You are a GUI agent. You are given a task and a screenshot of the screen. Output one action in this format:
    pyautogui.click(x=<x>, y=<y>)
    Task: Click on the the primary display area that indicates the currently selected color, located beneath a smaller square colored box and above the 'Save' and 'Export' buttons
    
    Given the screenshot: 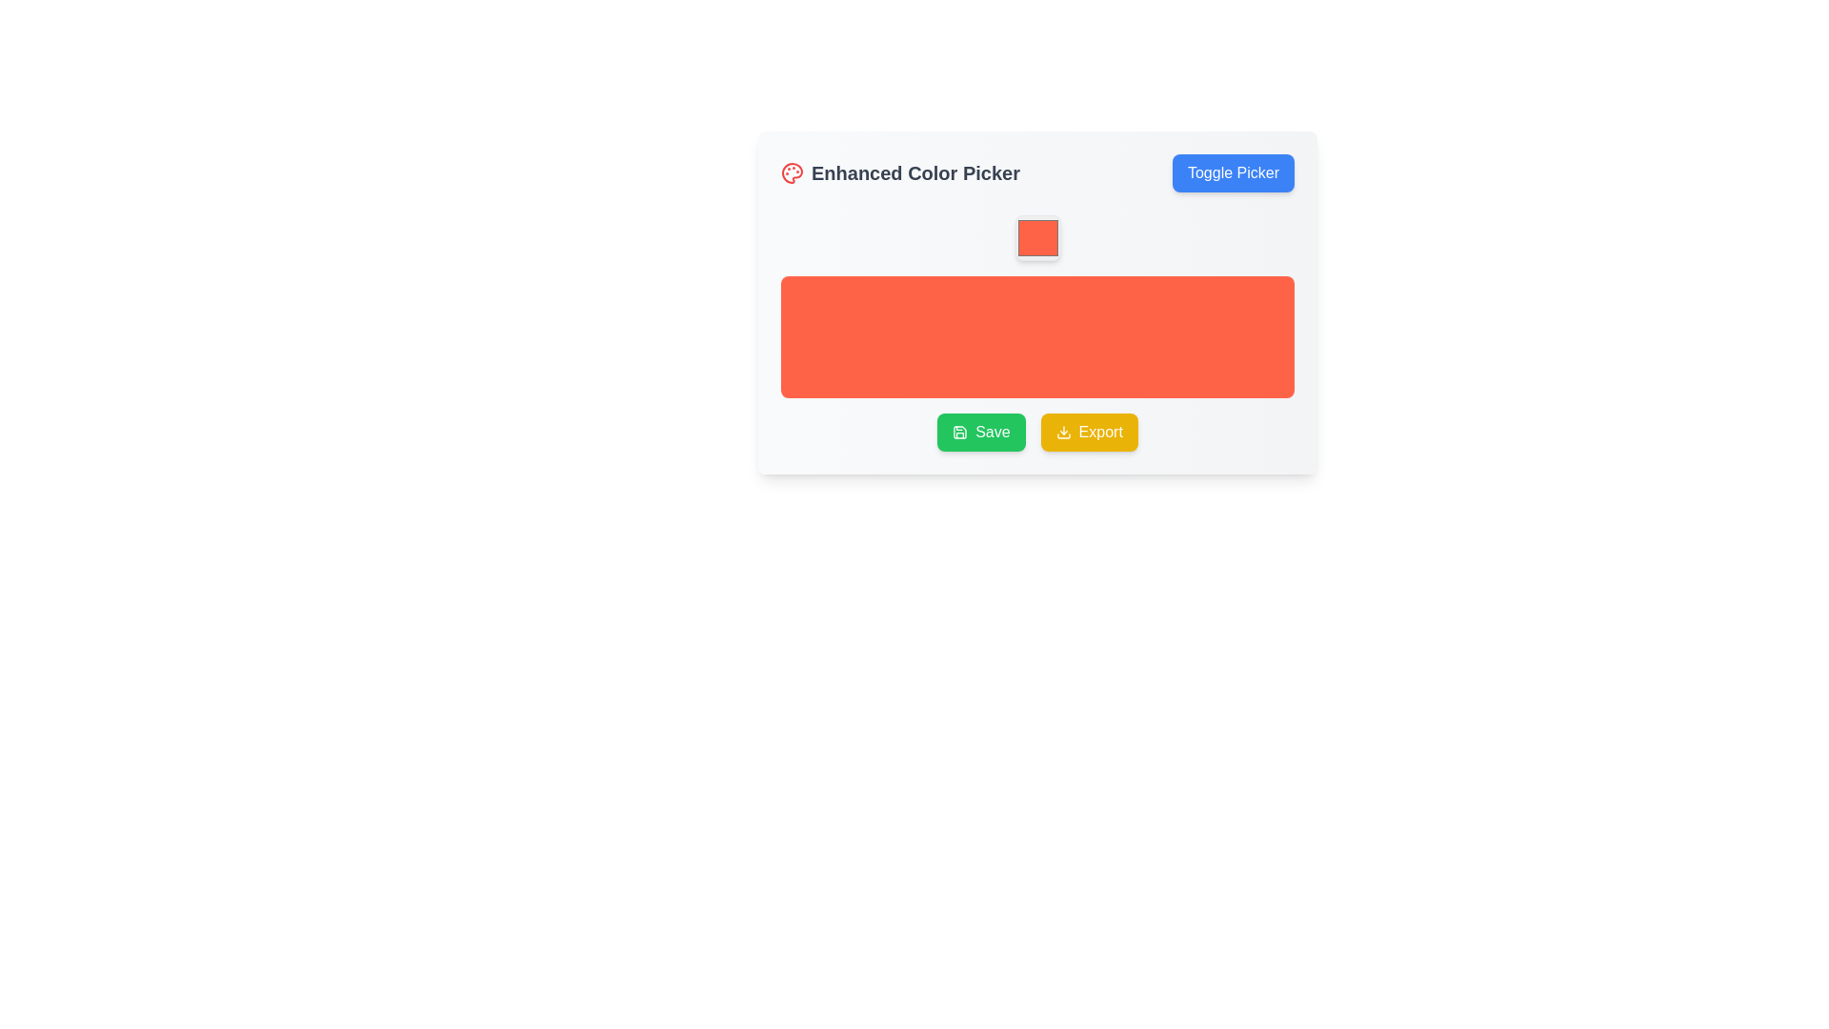 What is the action you would take?
    pyautogui.click(x=1036, y=336)
    